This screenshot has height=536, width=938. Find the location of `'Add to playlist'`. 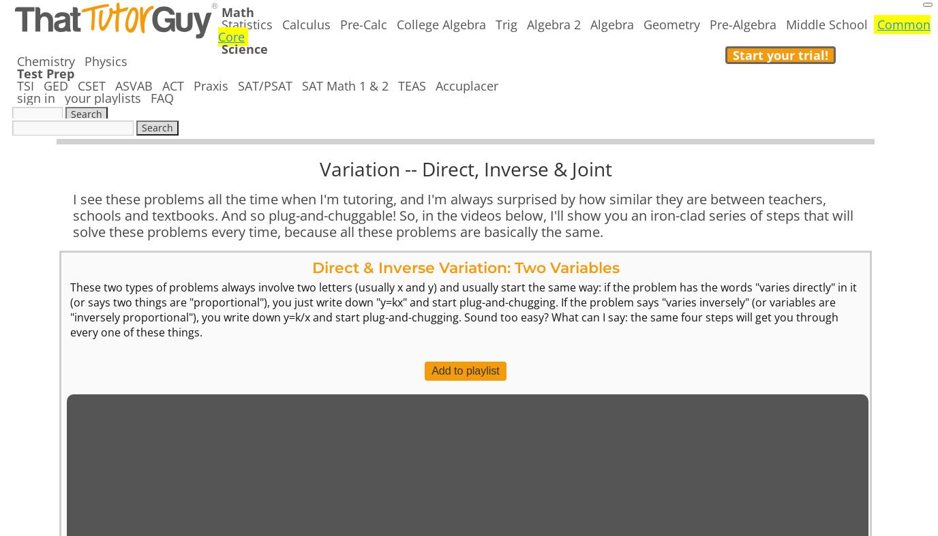

'Add to playlist' is located at coordinates (465, 369).